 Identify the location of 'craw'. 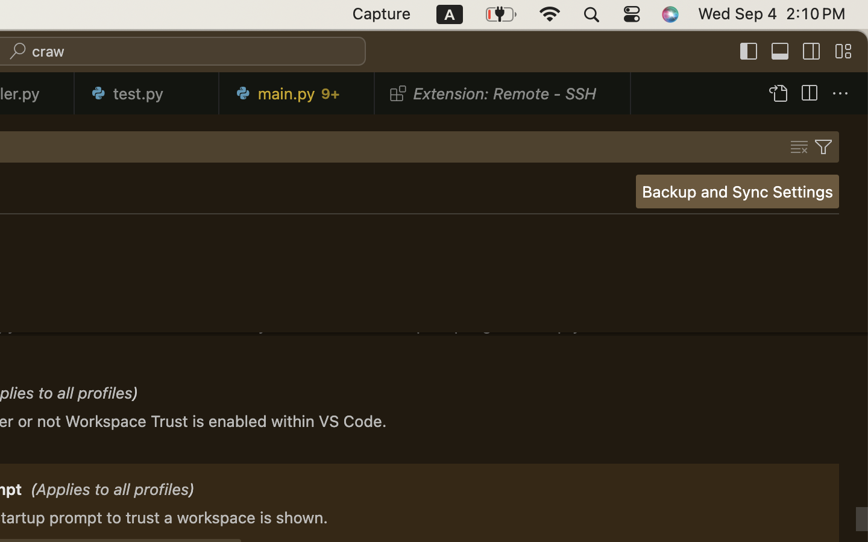
(48, 51).